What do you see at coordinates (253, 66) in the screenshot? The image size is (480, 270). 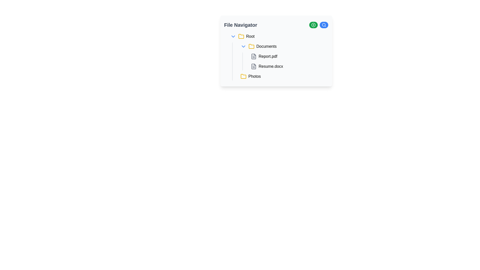 I see `the document icon located to the left of 'Resume.docx' in the file navigator under the 'Documents' folder` at bounding box center [253, 66].